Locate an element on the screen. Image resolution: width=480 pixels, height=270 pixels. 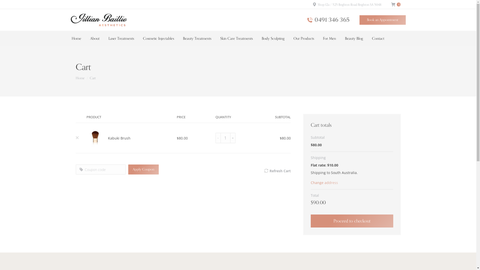
'Home' is located at coordinates (76, 38).